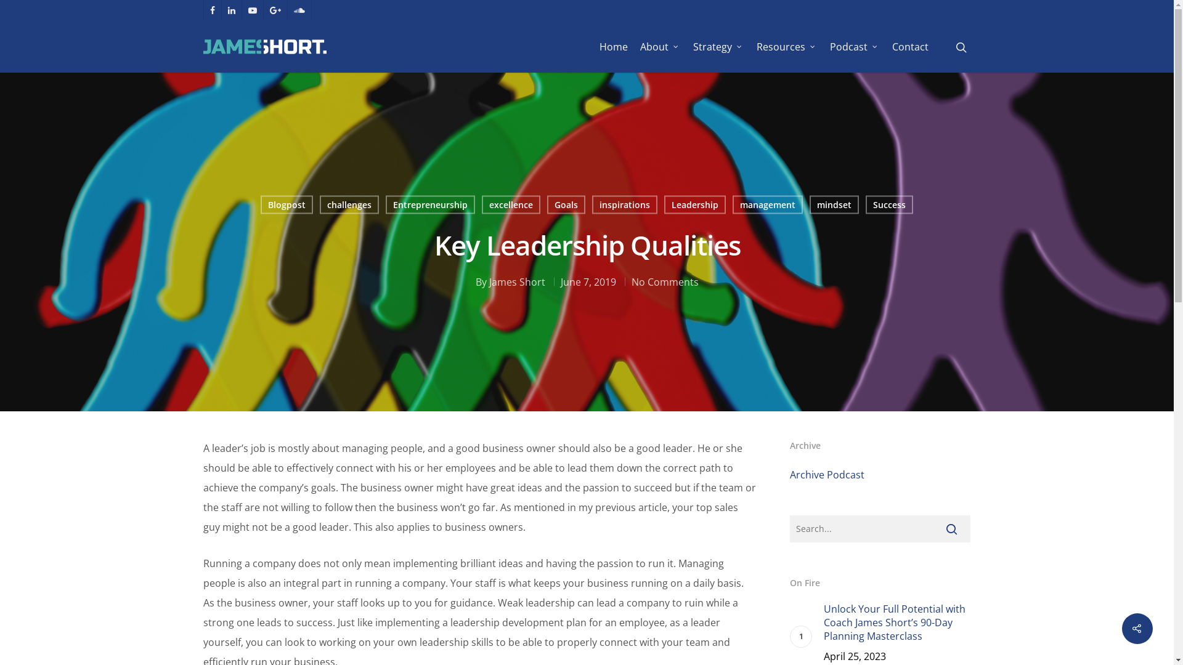  I want to click on 'Success', so click(888, 204).